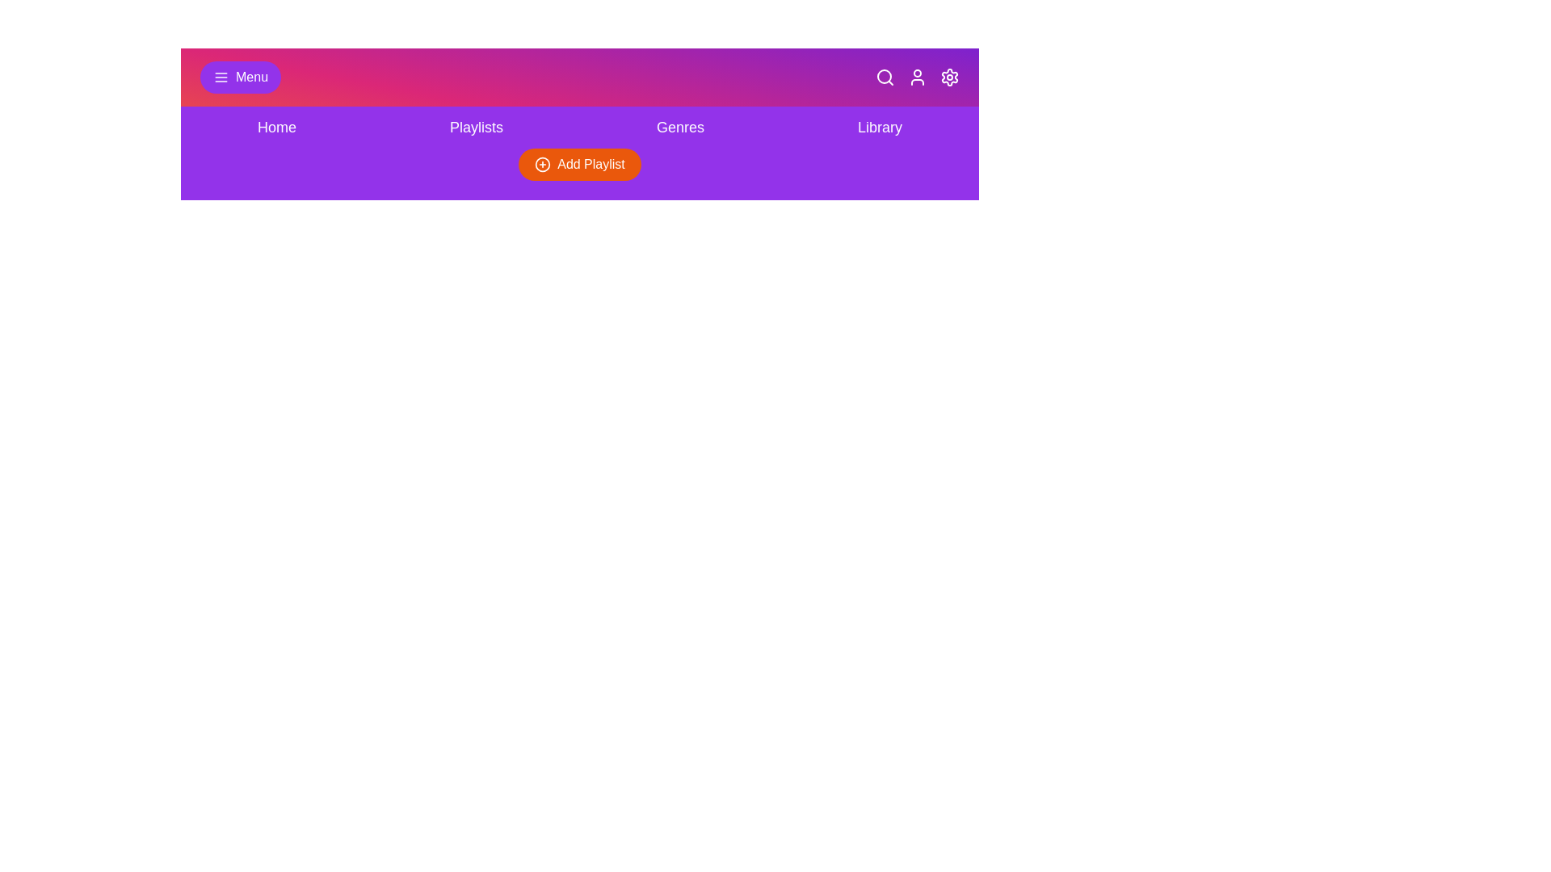  Describe the element at coordinates (580, 165) in the screenshot. I see `the 'Add Playlist' button to initiate the creation of a new playlist` at that location.